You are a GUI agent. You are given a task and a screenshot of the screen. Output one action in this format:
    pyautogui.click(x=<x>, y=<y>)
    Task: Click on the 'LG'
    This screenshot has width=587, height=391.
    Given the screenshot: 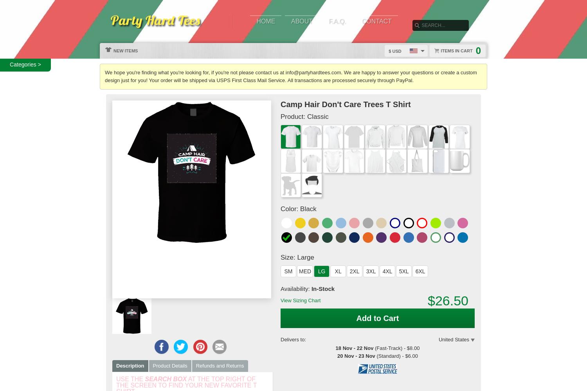 What is the action you would take?
    pyautogui.click(x=321, y=271)
    